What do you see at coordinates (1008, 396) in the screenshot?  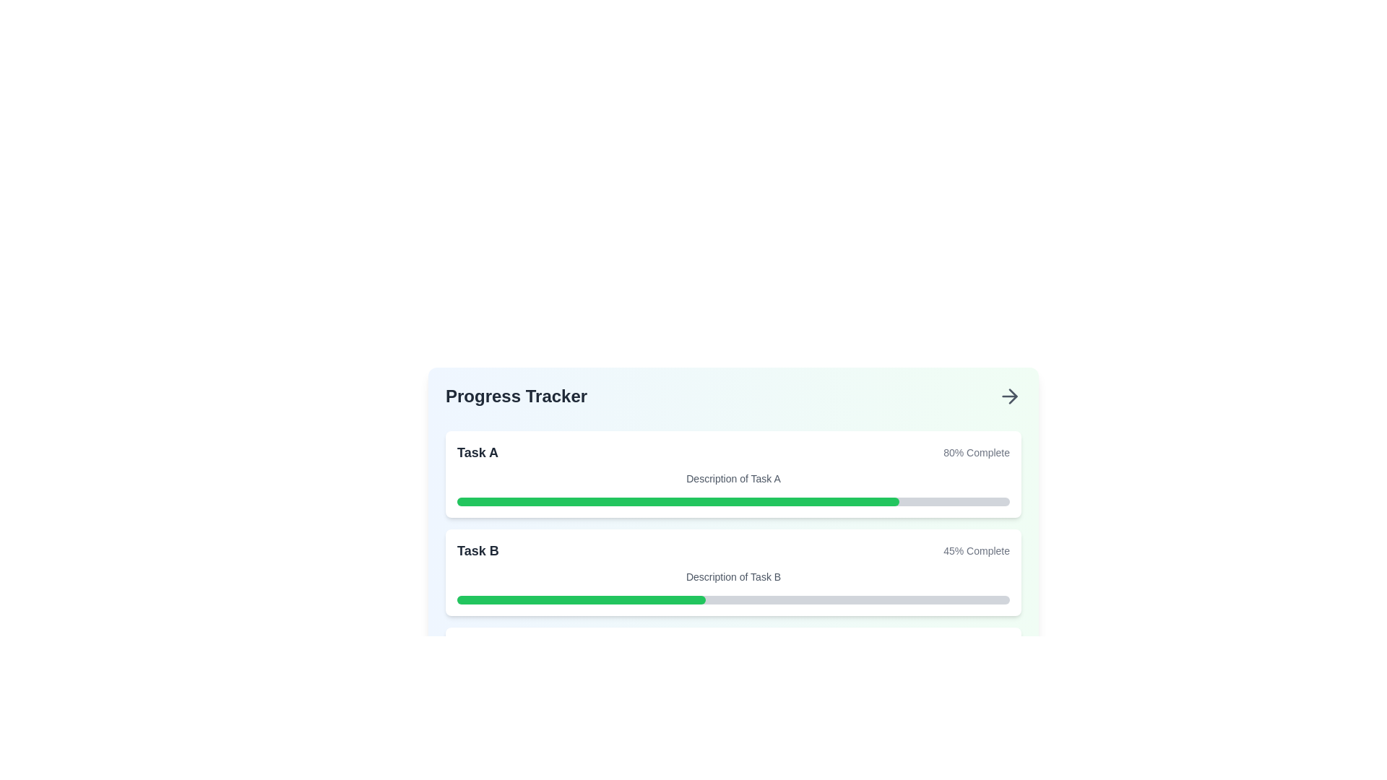 I see `the arrow icon located to the right of the 'Progress Tracker' header` at bounding box center [1008, 396].